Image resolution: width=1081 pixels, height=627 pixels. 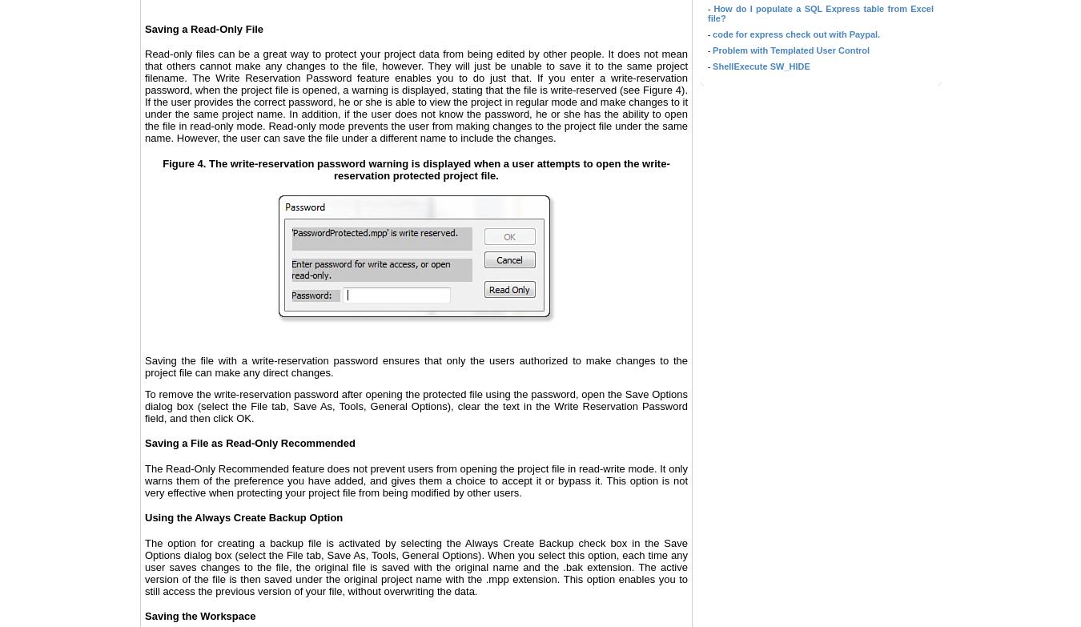 What do you see at coordinates (145, 566) in the screenshot?
I see `'The option for creating a
backup file is activated by selecting the Always Create Backup check box
in the Save Options dialog box (select the File tab, Save As, Tools,
General Options). When you select this option, each time any user saves
changes to the file, the original file is saved with the original name
and the .bak extension. The active version of the file is then saved
under the original project name with the .mpp extension. This option
enables you to still access the previous version of your file, without
overwriting the data.'` at bounding box center [145, 566].